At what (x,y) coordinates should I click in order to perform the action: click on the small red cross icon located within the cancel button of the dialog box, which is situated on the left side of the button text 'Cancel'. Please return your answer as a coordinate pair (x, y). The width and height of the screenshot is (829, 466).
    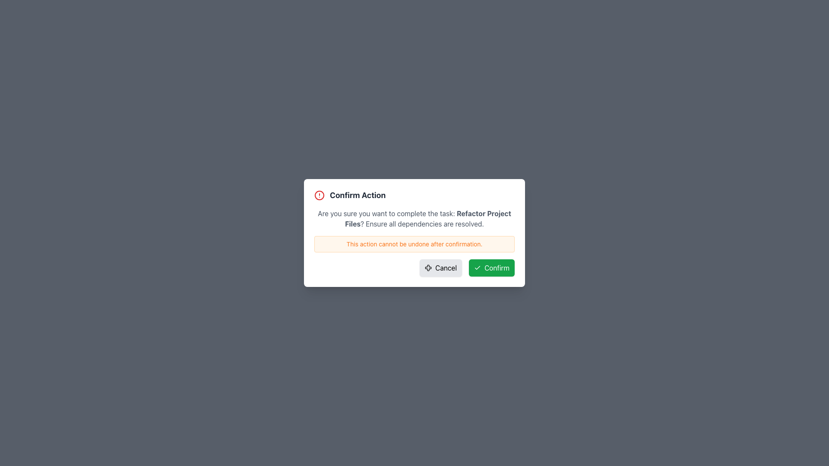
    Looking at the image, I should click on (428, 268).